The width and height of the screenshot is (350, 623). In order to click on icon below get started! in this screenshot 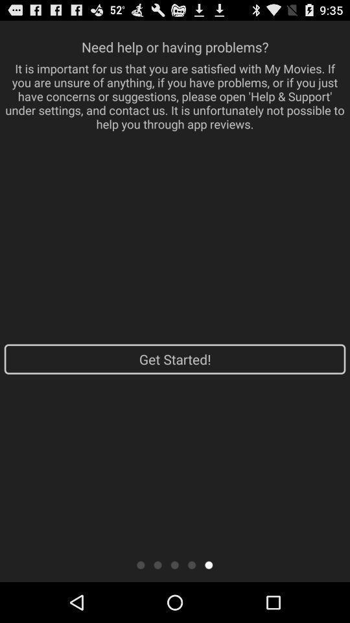, I will do `click(174, 564)`.